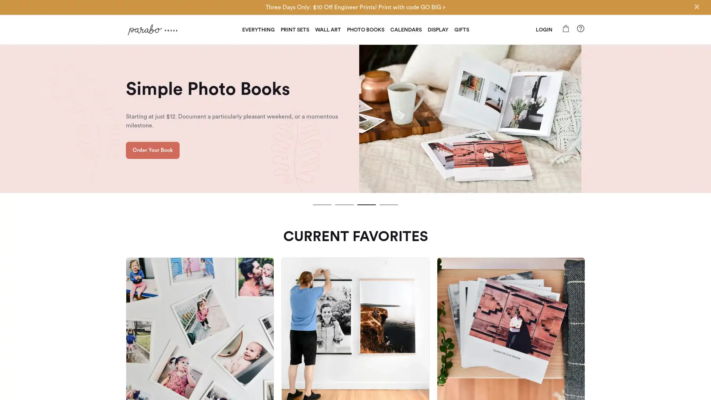 This screenshot has height=400, width=711. I want to click on subscribe, so click(407, 285).